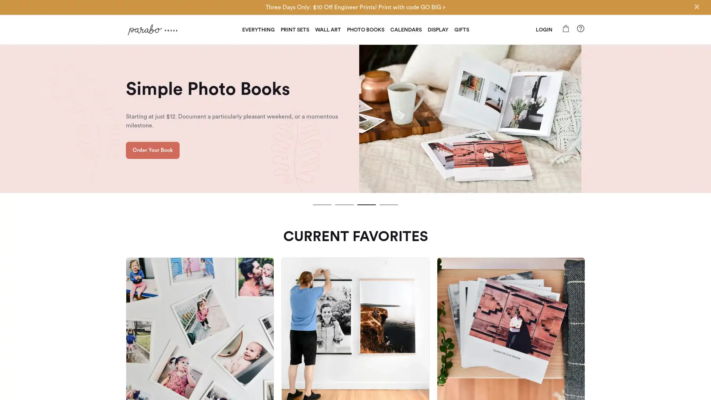 This screenshot has height=400, width=711. I want to click on subscribe, so click(407, 285).